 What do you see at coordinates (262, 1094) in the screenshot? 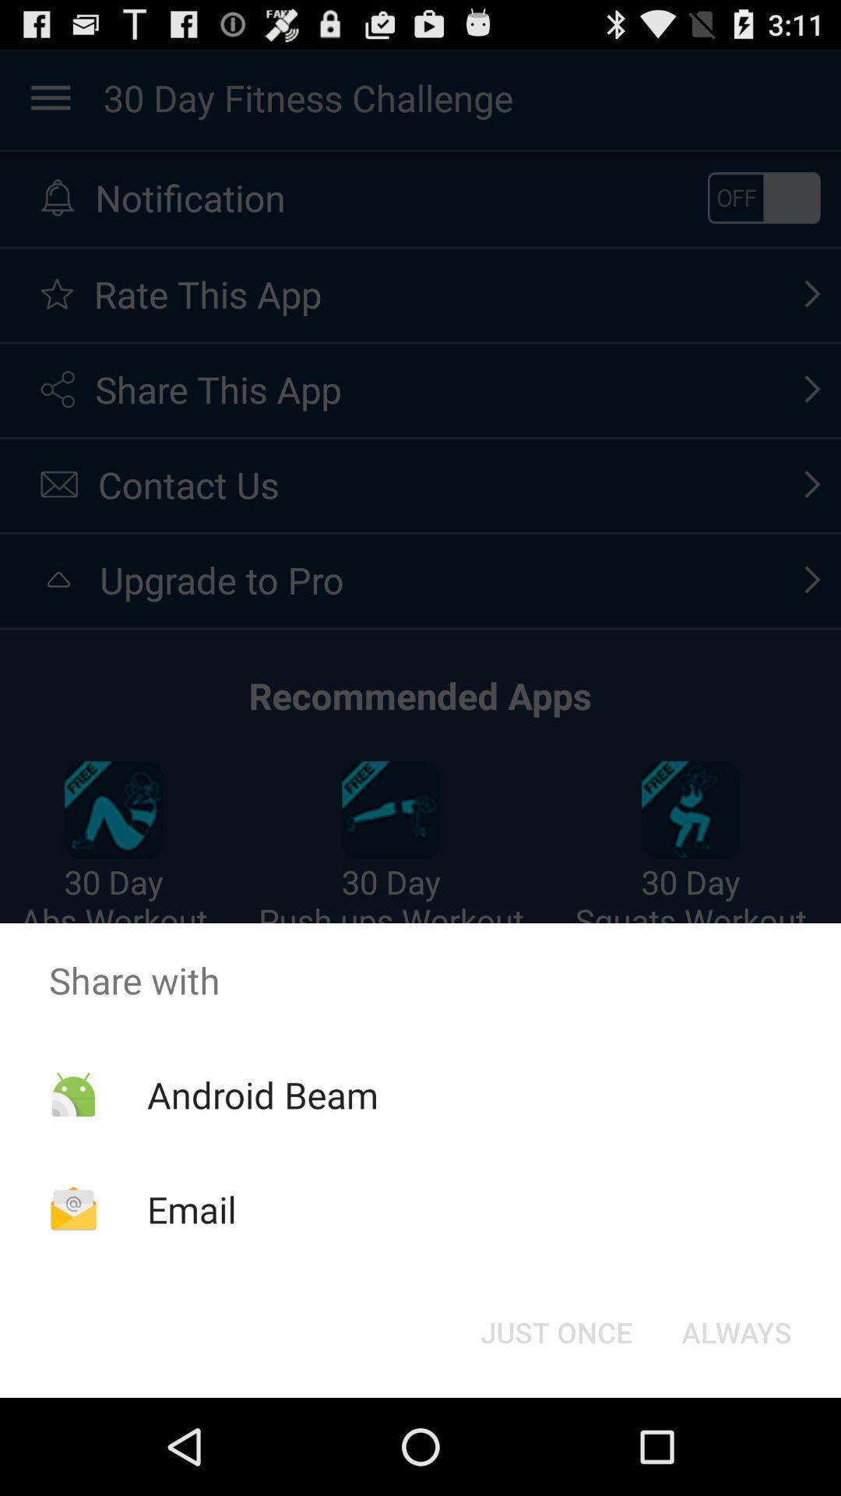
I see `the android beam icon` at bounding box center [262, 1094].